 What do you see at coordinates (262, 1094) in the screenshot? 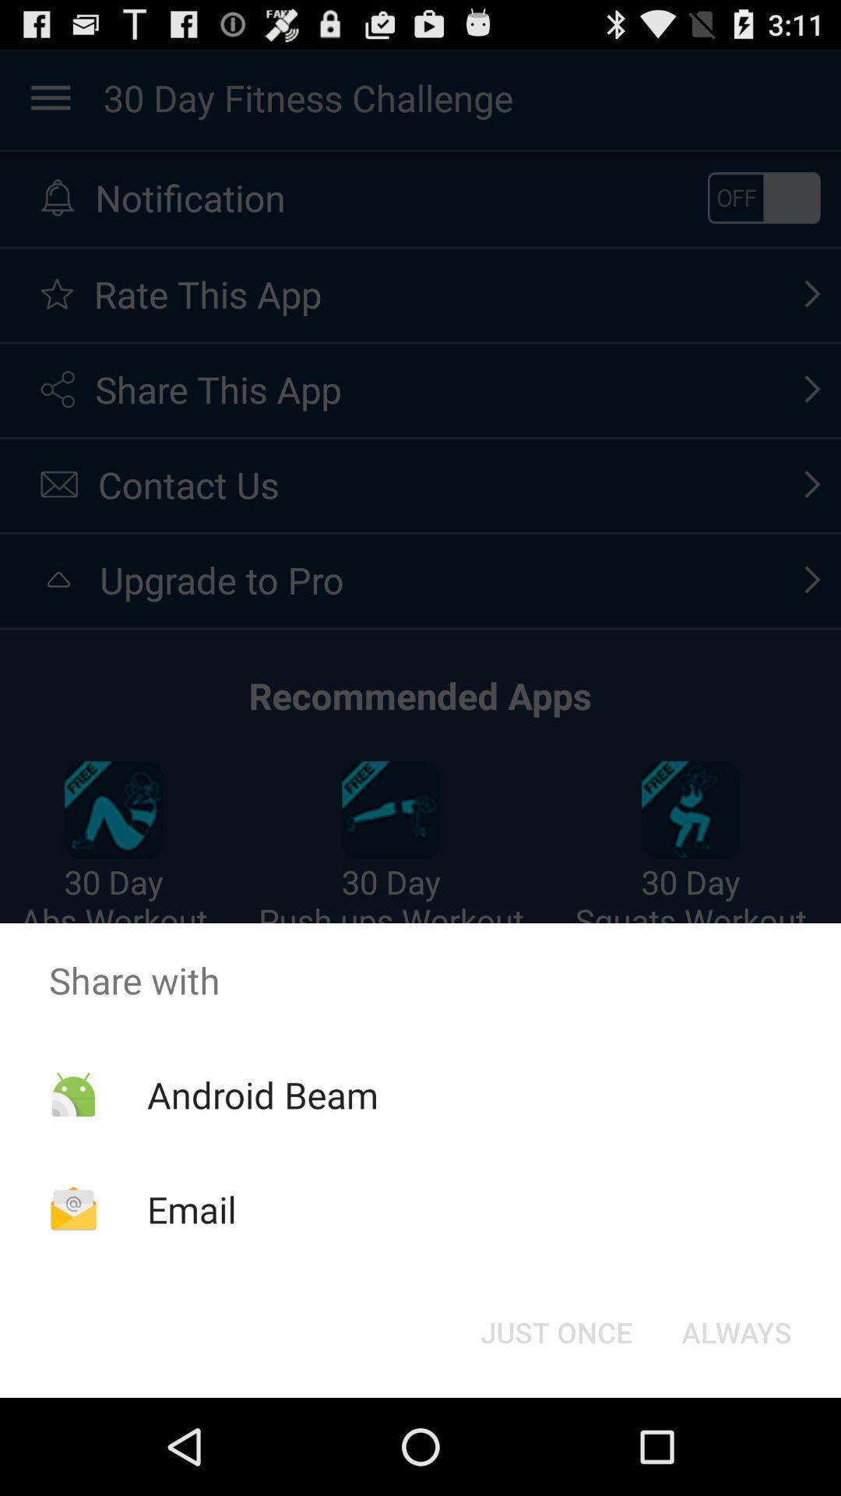
I see `the android beam icon` at bounding box center [262, 1094].